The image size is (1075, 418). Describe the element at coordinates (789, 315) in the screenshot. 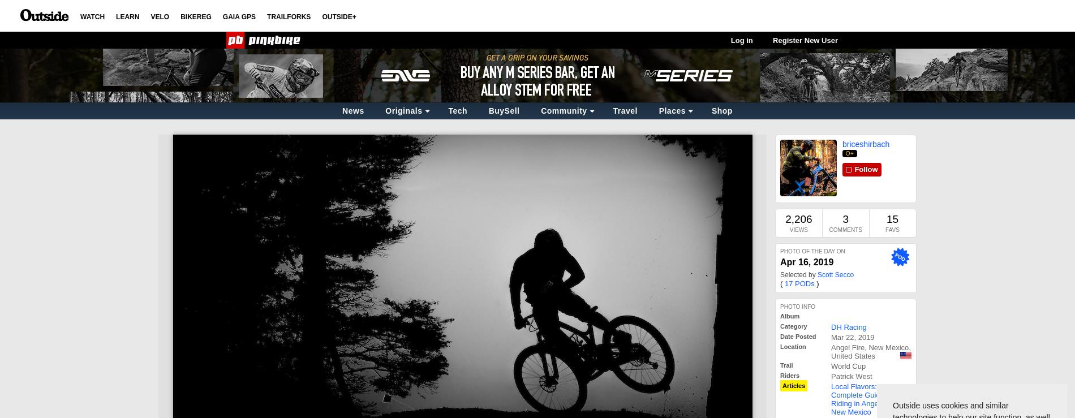

I see `'Album'` at that location.